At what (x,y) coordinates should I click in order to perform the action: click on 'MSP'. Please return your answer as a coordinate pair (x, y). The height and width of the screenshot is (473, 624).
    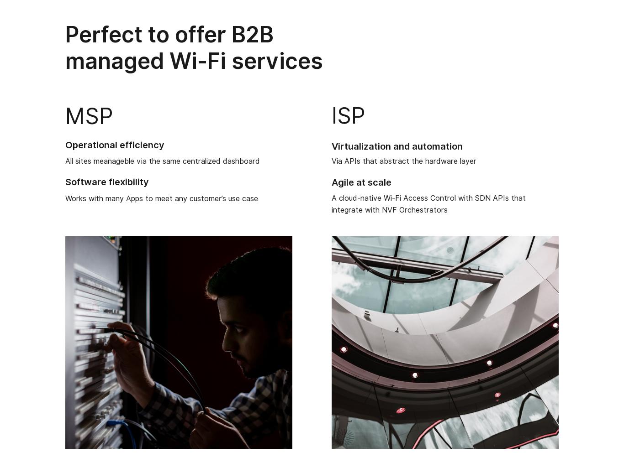
    Looking at the image, I should click on (89, 115).